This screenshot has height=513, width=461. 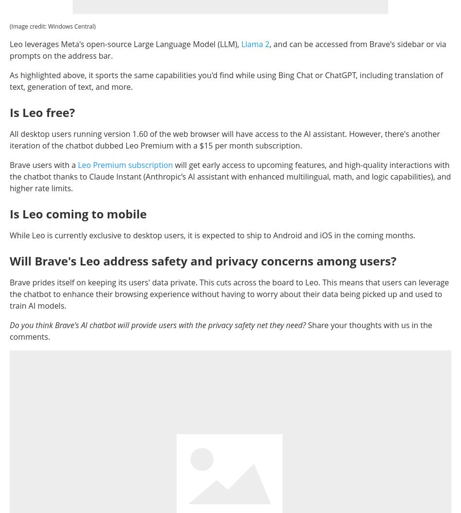 I want to click on '(Image credit: Windows Central)', so click(x=10, y=26).